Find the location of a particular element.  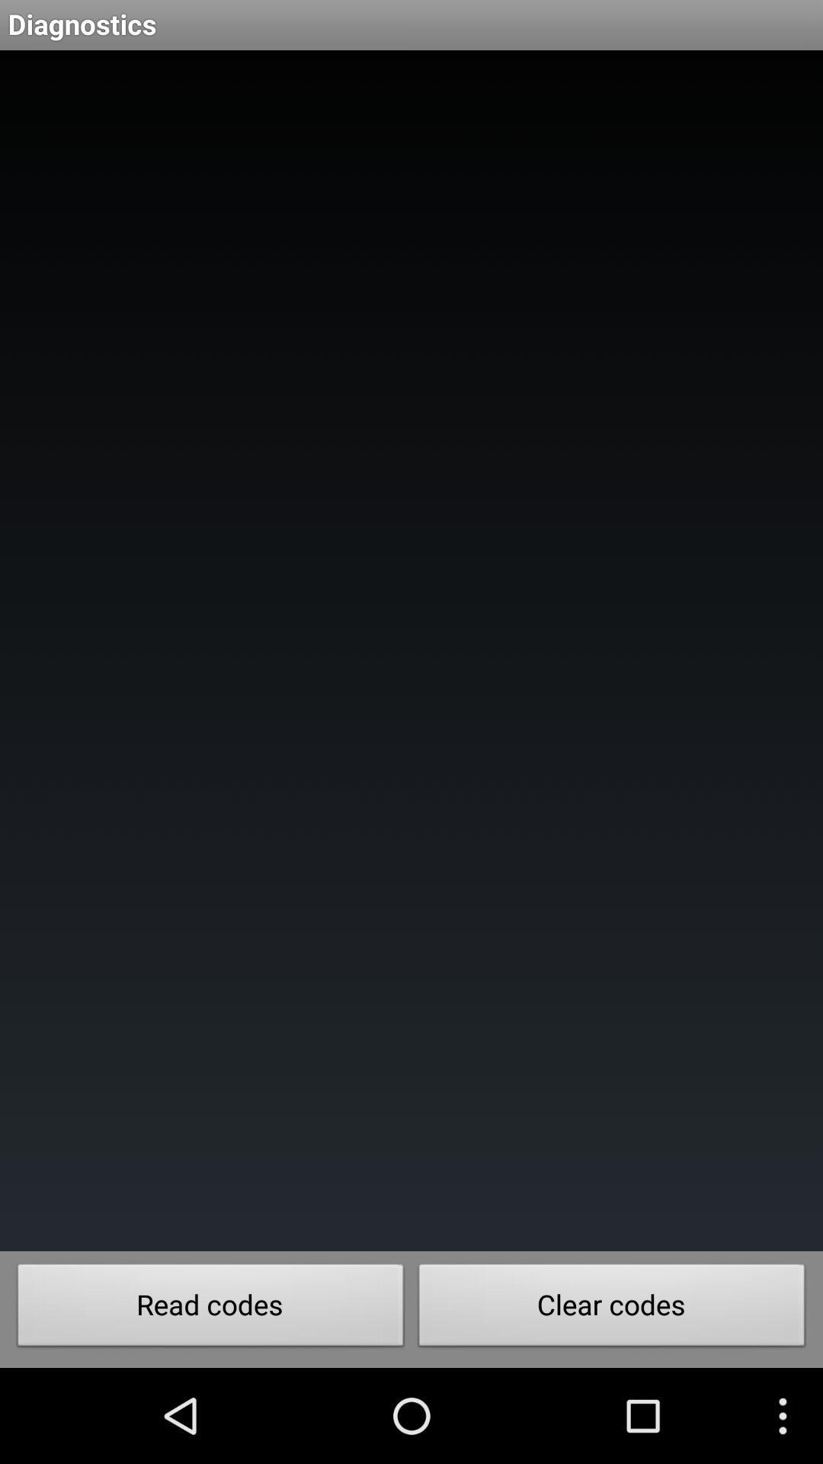

the clear codes is located at coordinates (611, 1308).